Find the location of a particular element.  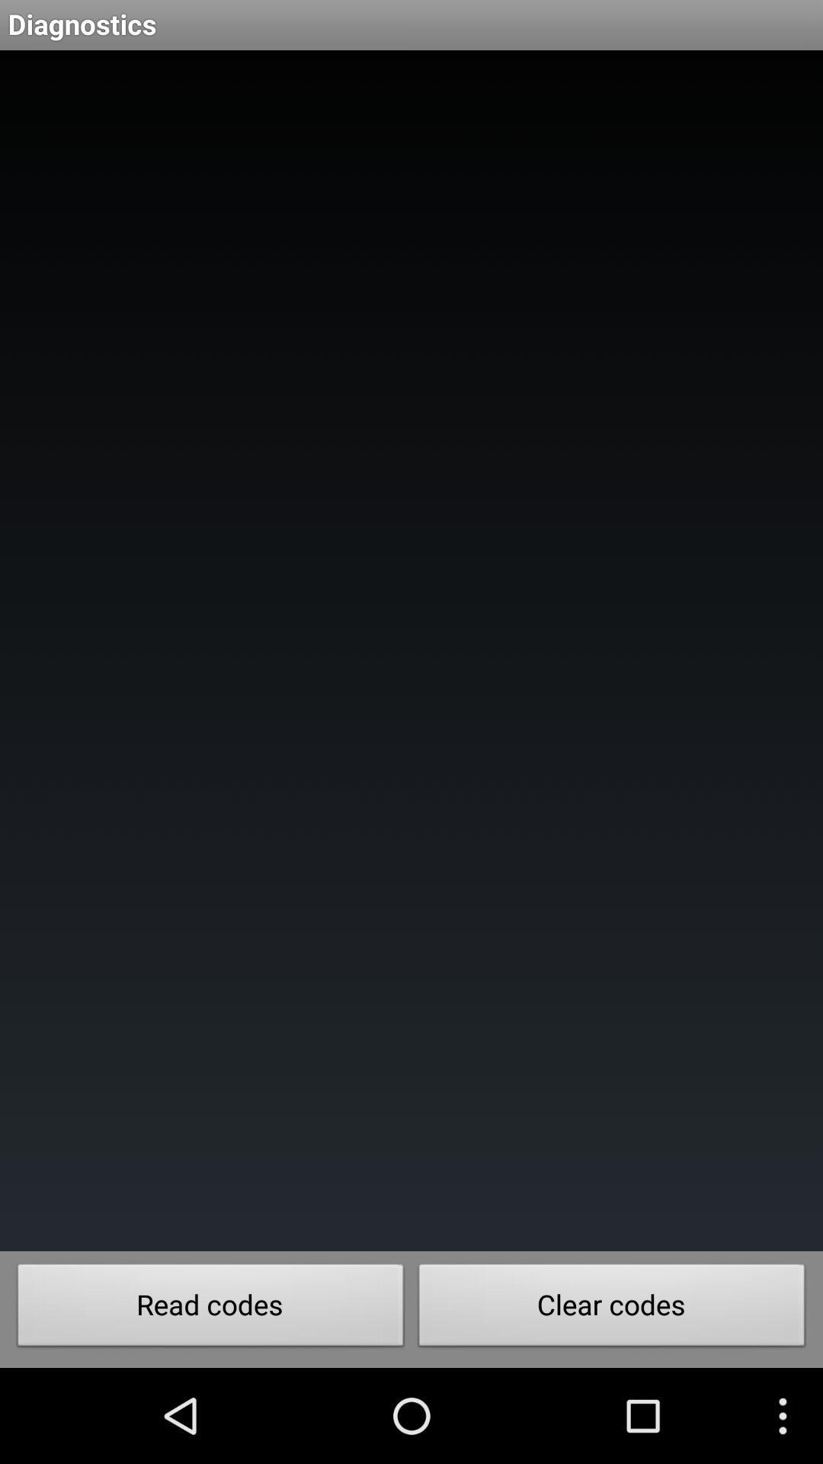

the clear codes is located at coordinates (611, 1308).